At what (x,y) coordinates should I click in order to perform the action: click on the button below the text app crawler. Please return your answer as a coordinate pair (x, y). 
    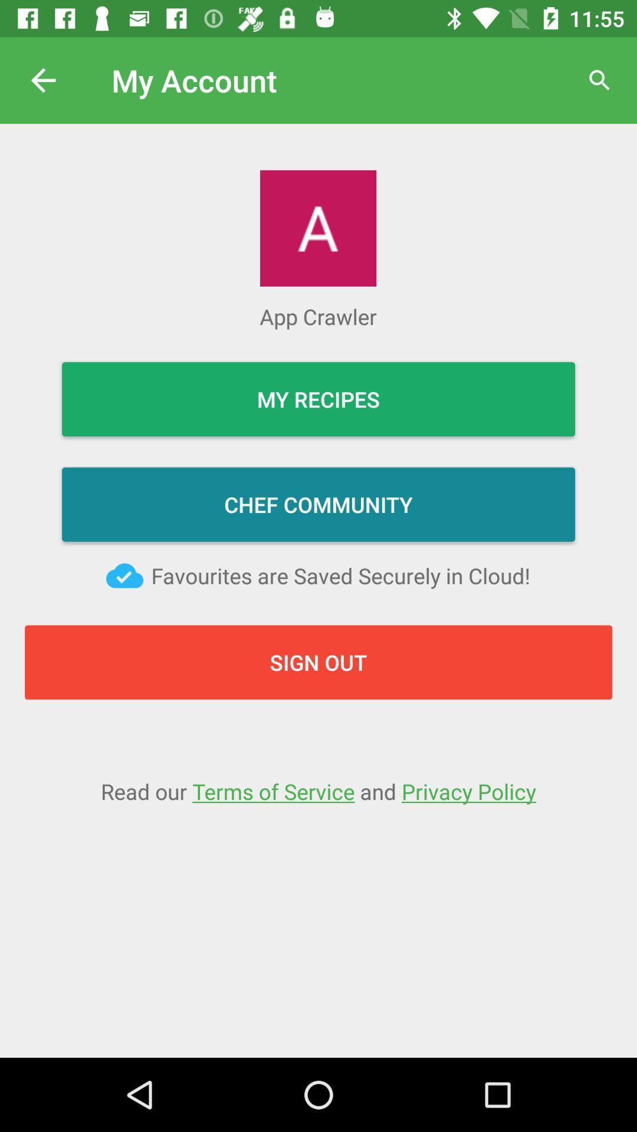
    Looking at the image, I should click on (318, 399).